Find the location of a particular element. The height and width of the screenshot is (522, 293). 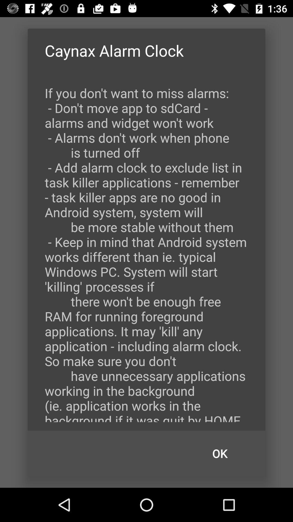

the ok item is located at coordinates (220, 453).